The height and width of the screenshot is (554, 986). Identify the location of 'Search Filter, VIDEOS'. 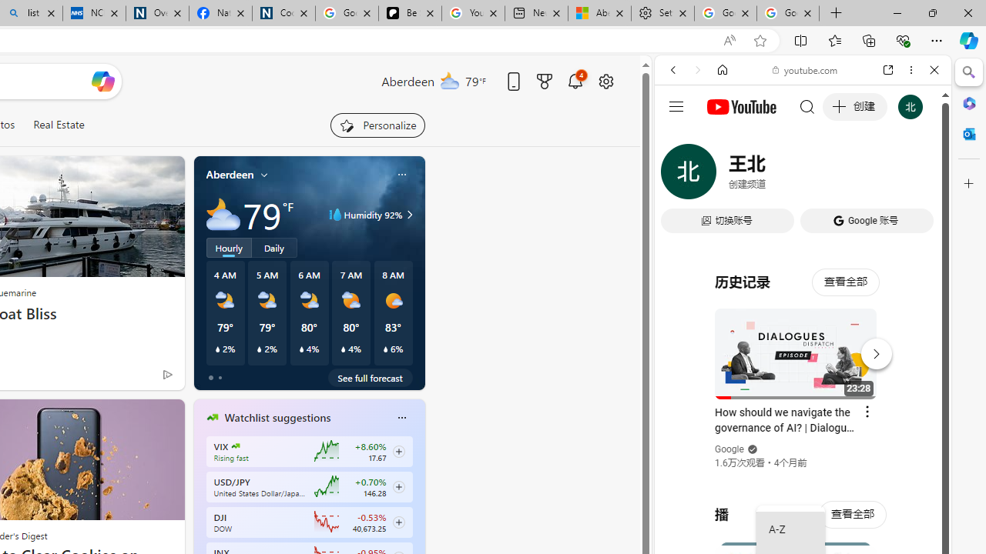
(775, 175).